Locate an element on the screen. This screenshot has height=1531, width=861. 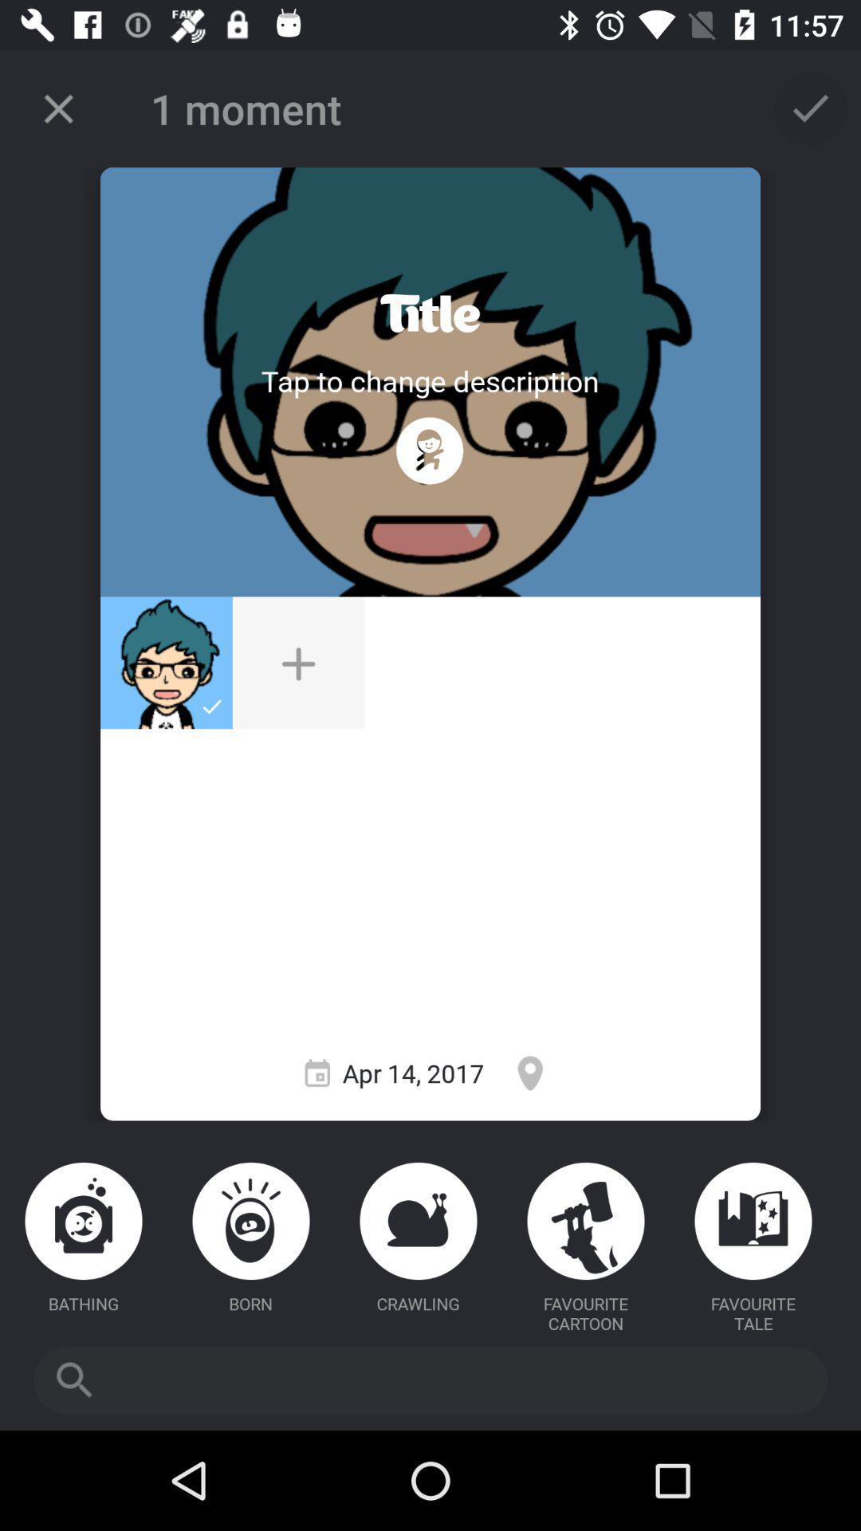
submit option is located at coordinates (811, 108).